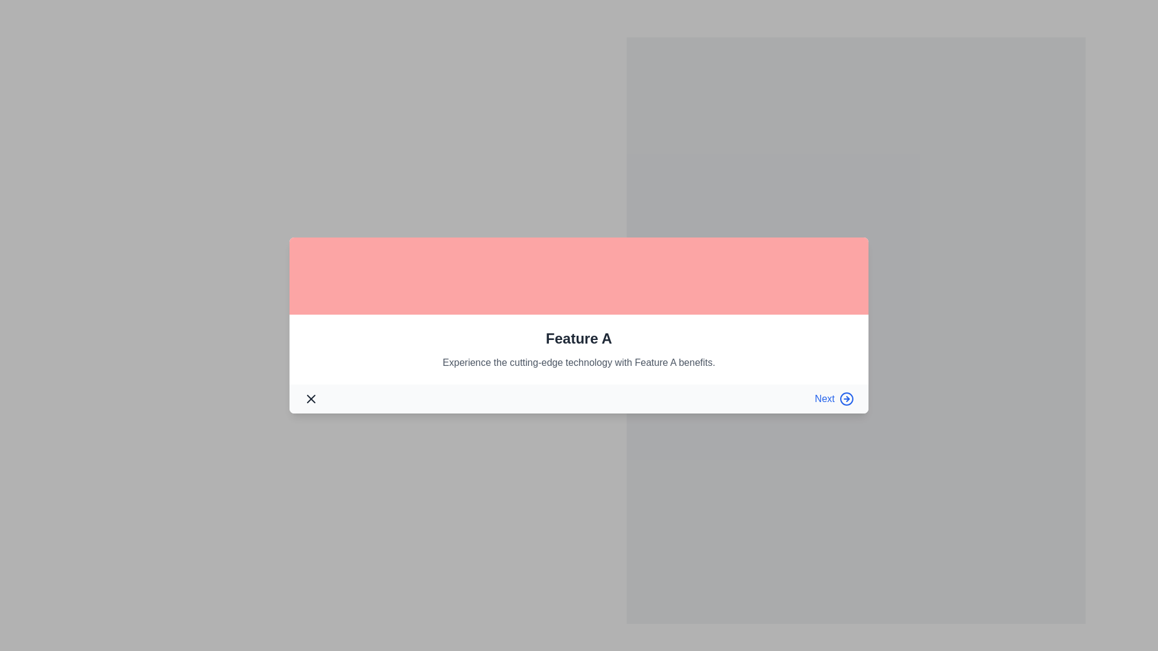 Image resolution: width=1158 pixels, height=651 pixels. Describe the element at coordinates (834, 399) in the screenshot. I see `the 'Next' button` at that location.